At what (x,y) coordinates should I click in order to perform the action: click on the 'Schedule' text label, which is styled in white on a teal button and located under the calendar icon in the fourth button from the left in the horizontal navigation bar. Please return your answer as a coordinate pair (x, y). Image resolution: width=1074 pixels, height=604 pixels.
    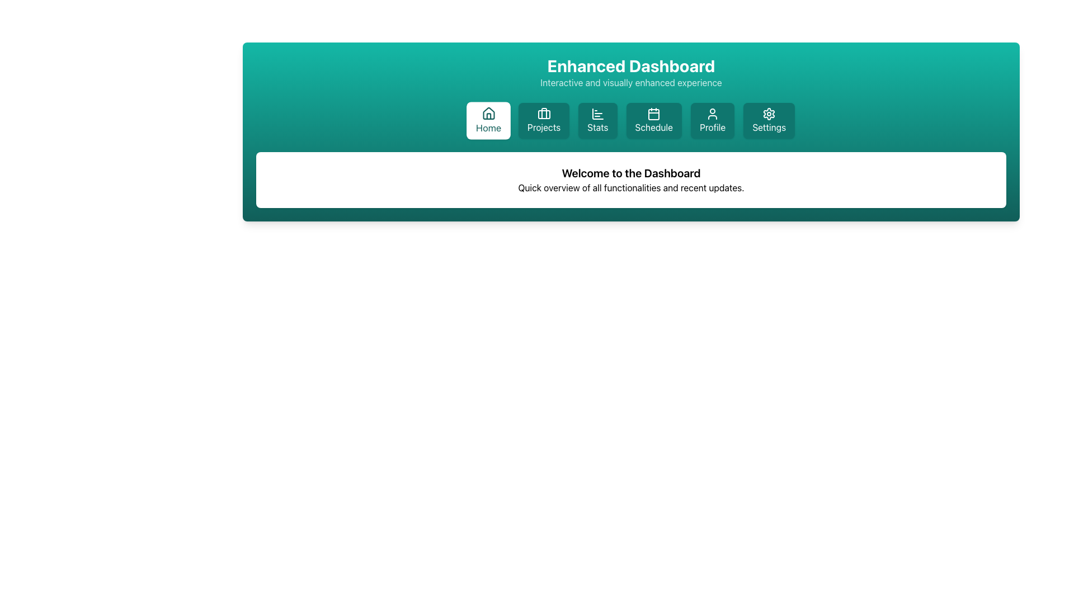
    Looking at the image, I should click on (654, 126).